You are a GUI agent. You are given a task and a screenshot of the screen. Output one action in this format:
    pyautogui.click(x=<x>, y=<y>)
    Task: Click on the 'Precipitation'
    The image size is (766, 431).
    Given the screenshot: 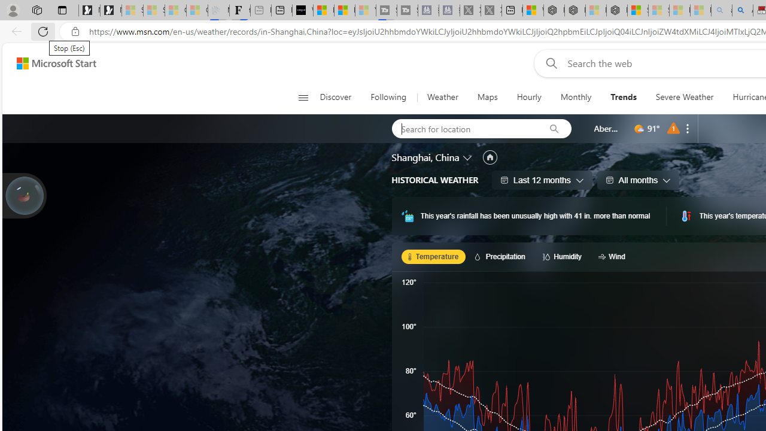 What is the action you would take?
    pyautogui.click(x=501, y=256)
    